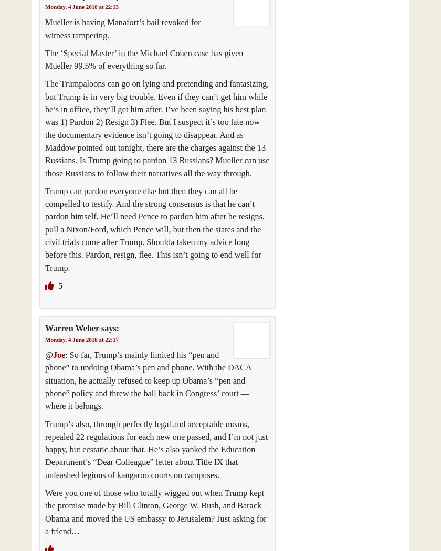 This screenshot has height=551, width=441. Describe the element at coordinates (156, 449) in the screenshot. I see `'Trump’s also, through perfectly legal and acceptable means, repealed 22 regulations for each new one passed, and I’m not just happy, but ecstatic about that. He’s also yanked the Education Department’s “Dear Colleague” letter about Title IX that unleashed legions of kangaroo courts on campuses.'` at that location.